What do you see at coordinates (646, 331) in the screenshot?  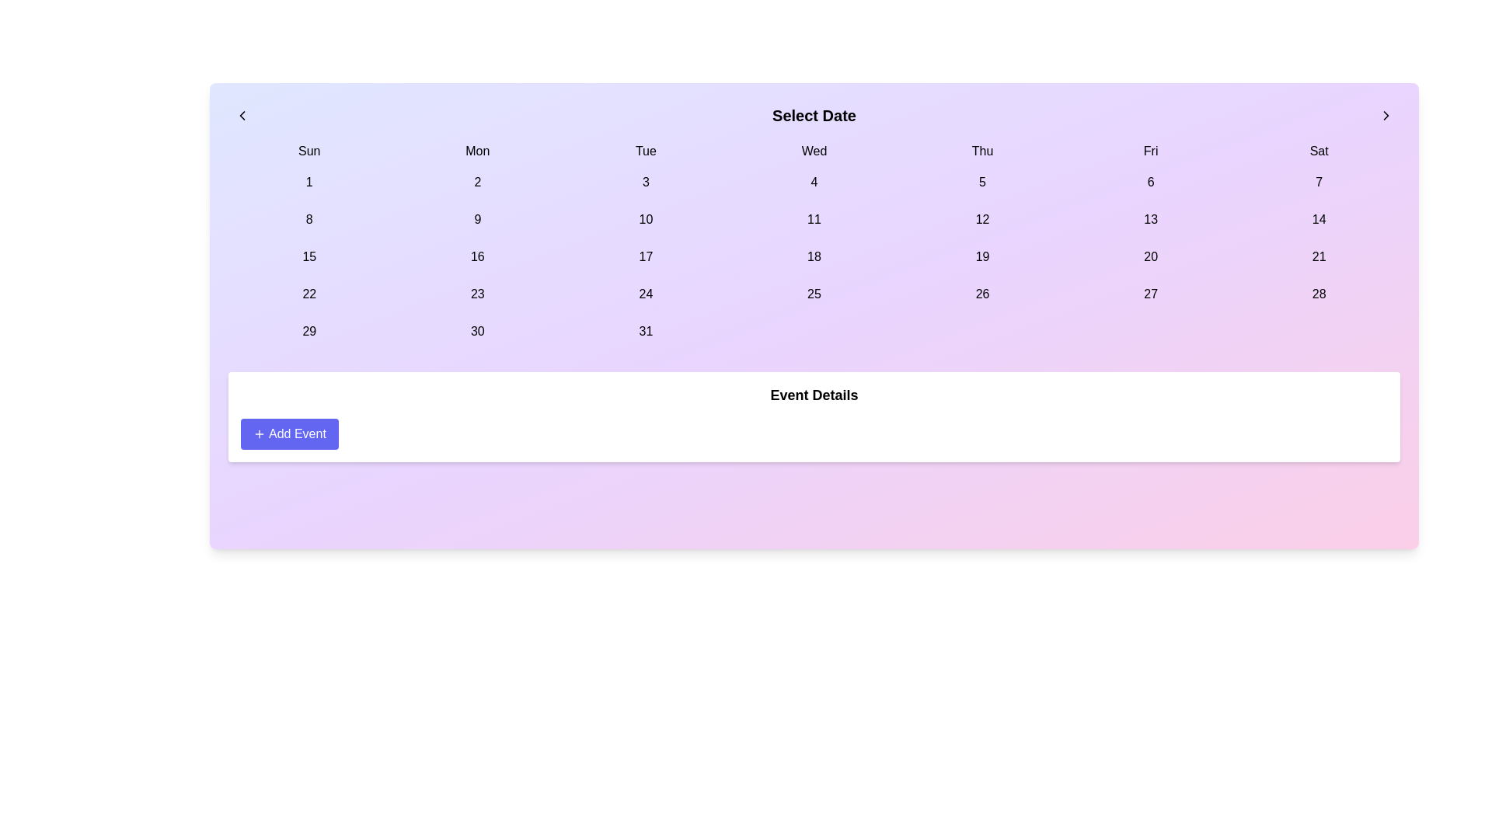 I see `the date '31' button in the calendar interface` at bounding box center [646, 331].